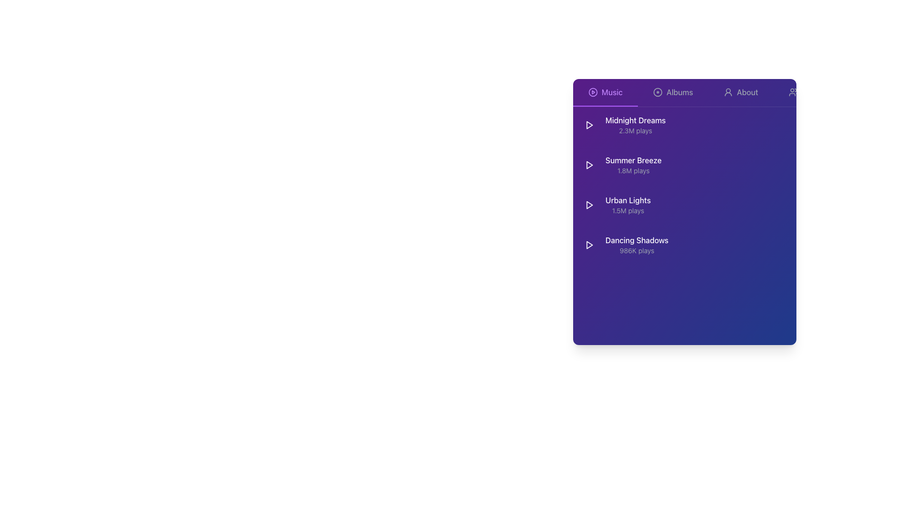 The image size is (914, 514). What do you see at coordinates (589, 205) in the screenshot?
I see `the play icon resembling a triangular shape pointing rightward, located in the list aligned with the entry labeled 'Urban Lights', to play the media` at bounding box center [589, 205].